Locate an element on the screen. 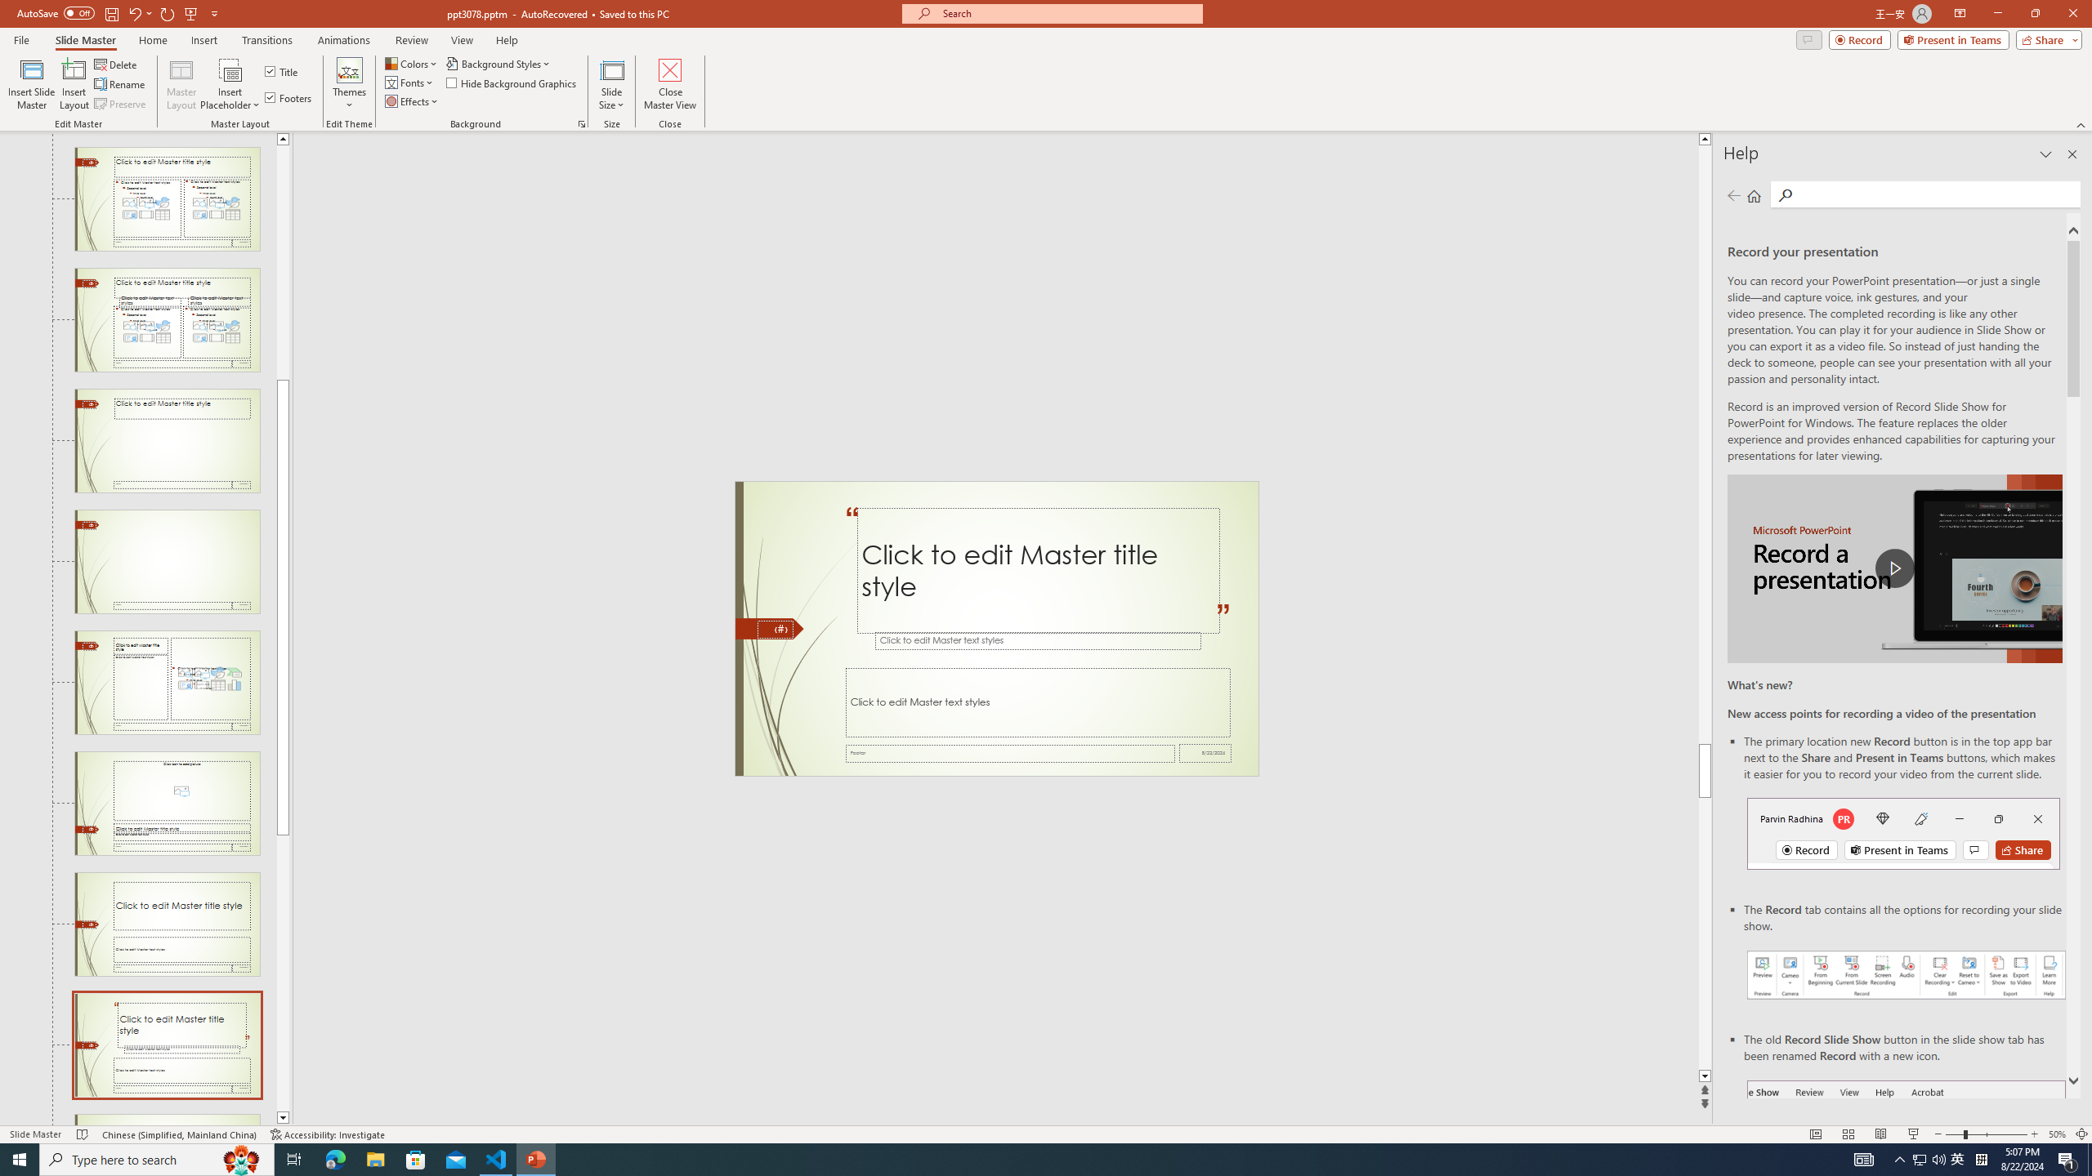 This screenshot has width=2092, height=1176. 'Insert Slide Master' is located at coordinates (30, 84).